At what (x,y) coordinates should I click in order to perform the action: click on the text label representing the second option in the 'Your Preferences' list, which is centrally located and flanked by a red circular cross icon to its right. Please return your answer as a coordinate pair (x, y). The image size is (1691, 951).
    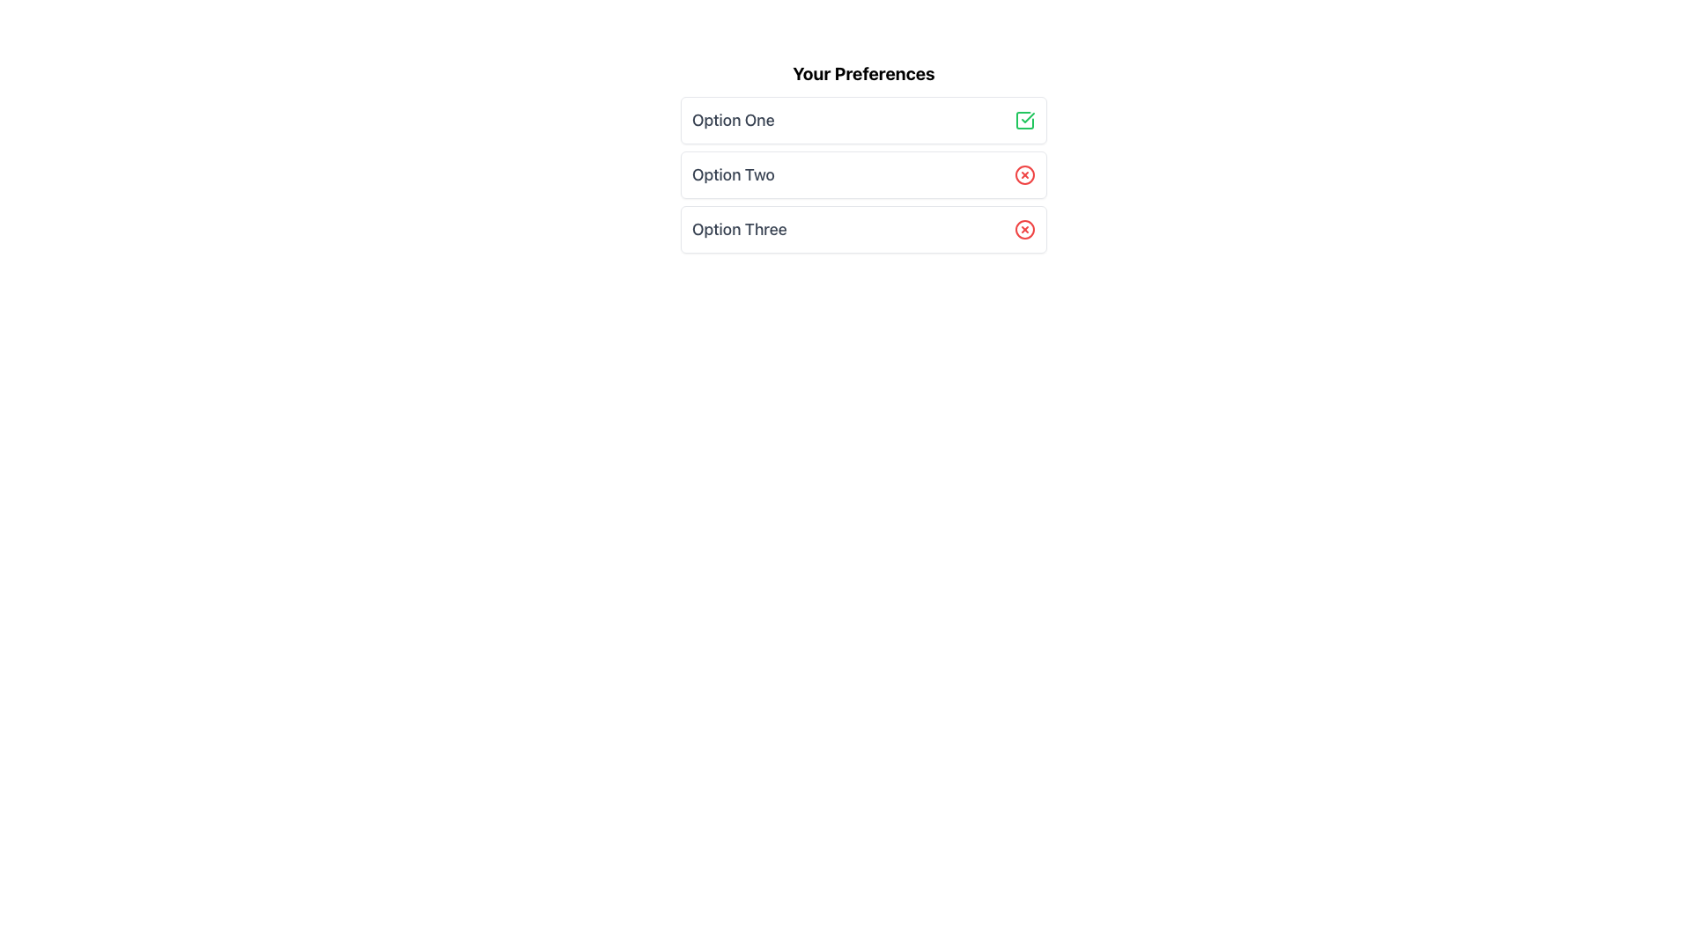
    Looking at the image, I should click on (733, 175).